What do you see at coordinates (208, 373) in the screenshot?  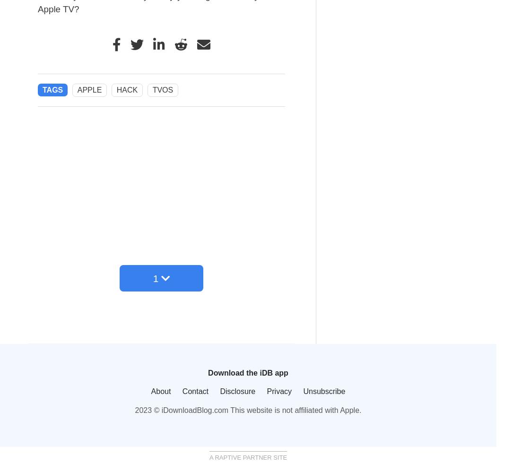 I see `'Download the iDB app'` at bounding box center [208, 373].